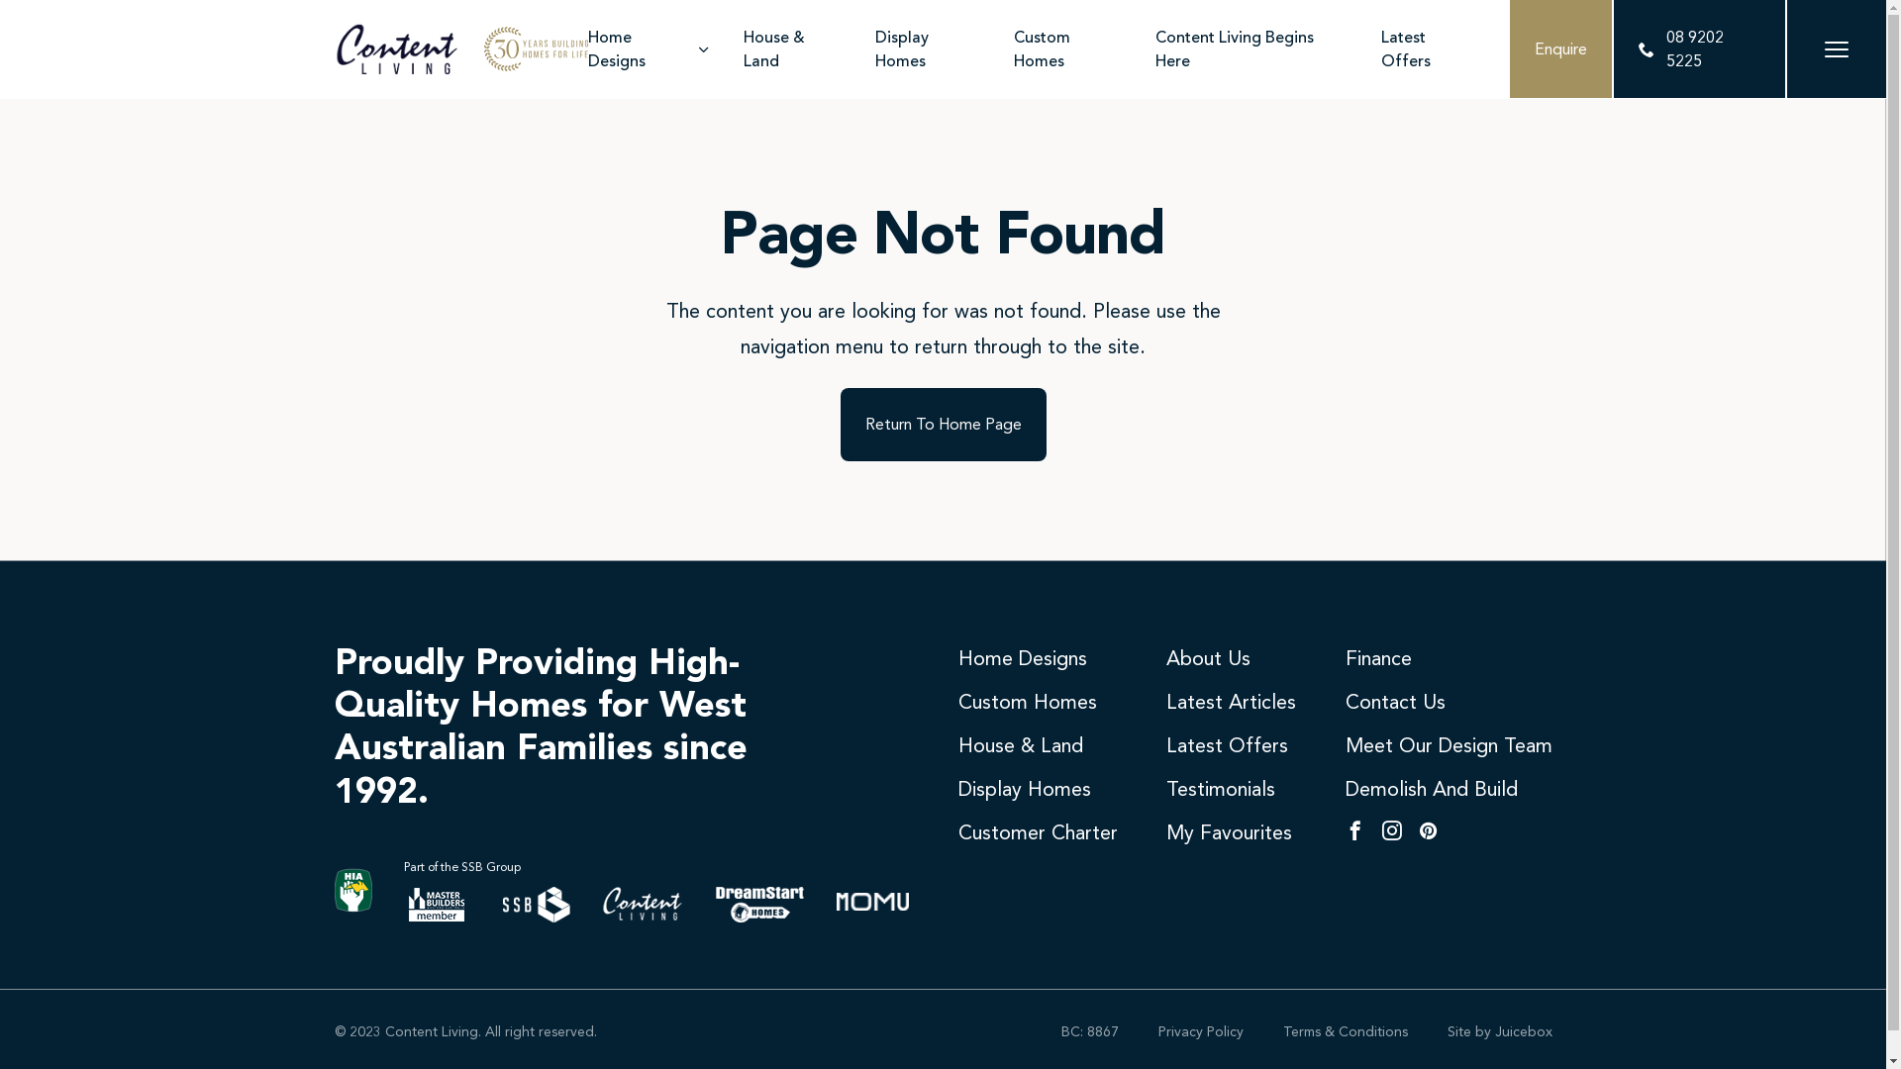  Describe the element at coordinates (1345, 1030) in the screenshot. I see `'Terms & Conditions'` at that location.